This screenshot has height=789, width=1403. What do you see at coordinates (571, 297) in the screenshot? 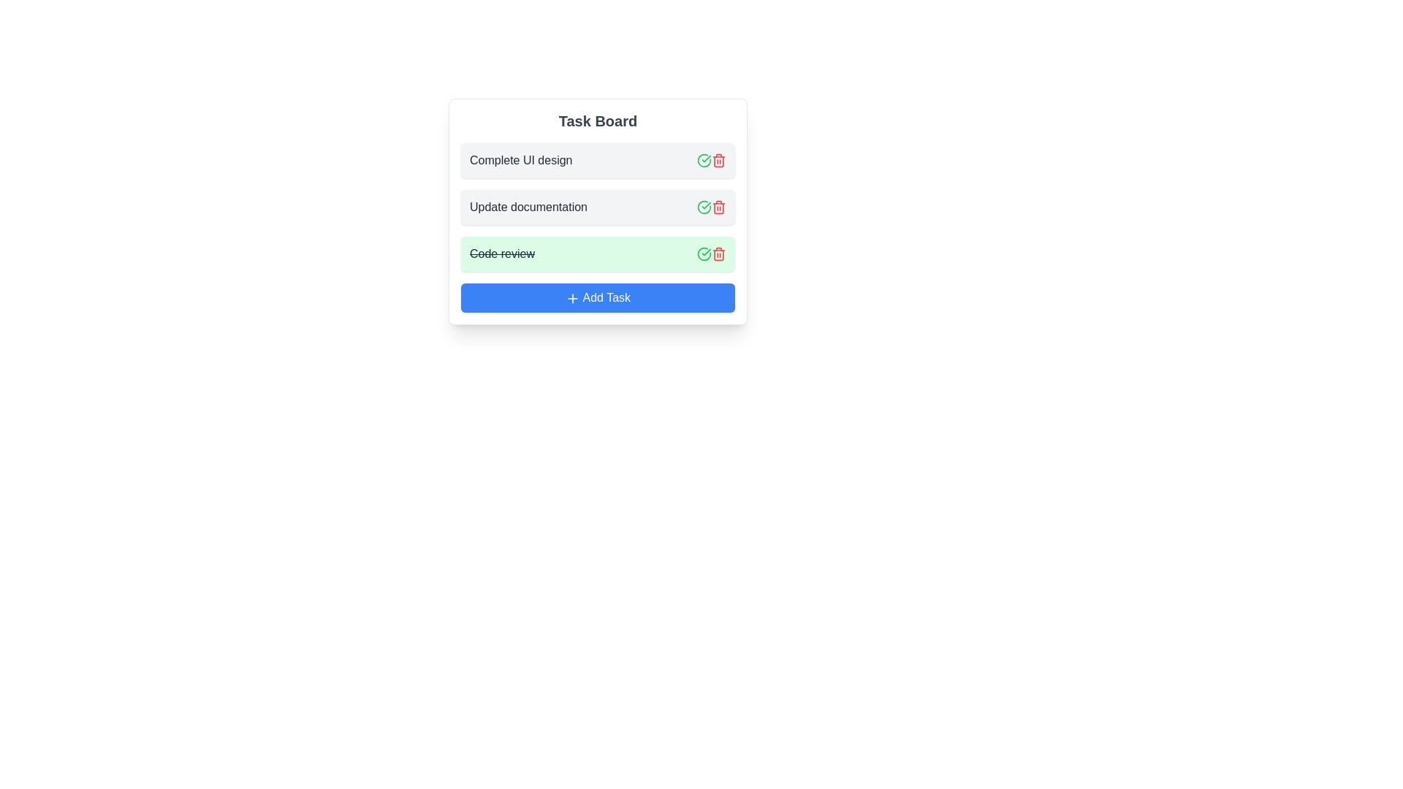
I see `the 'Plus' icon located within the blue 'Add Task' button at the bottom of the content area to observe any hover effects` at bounding box center [571, 297].